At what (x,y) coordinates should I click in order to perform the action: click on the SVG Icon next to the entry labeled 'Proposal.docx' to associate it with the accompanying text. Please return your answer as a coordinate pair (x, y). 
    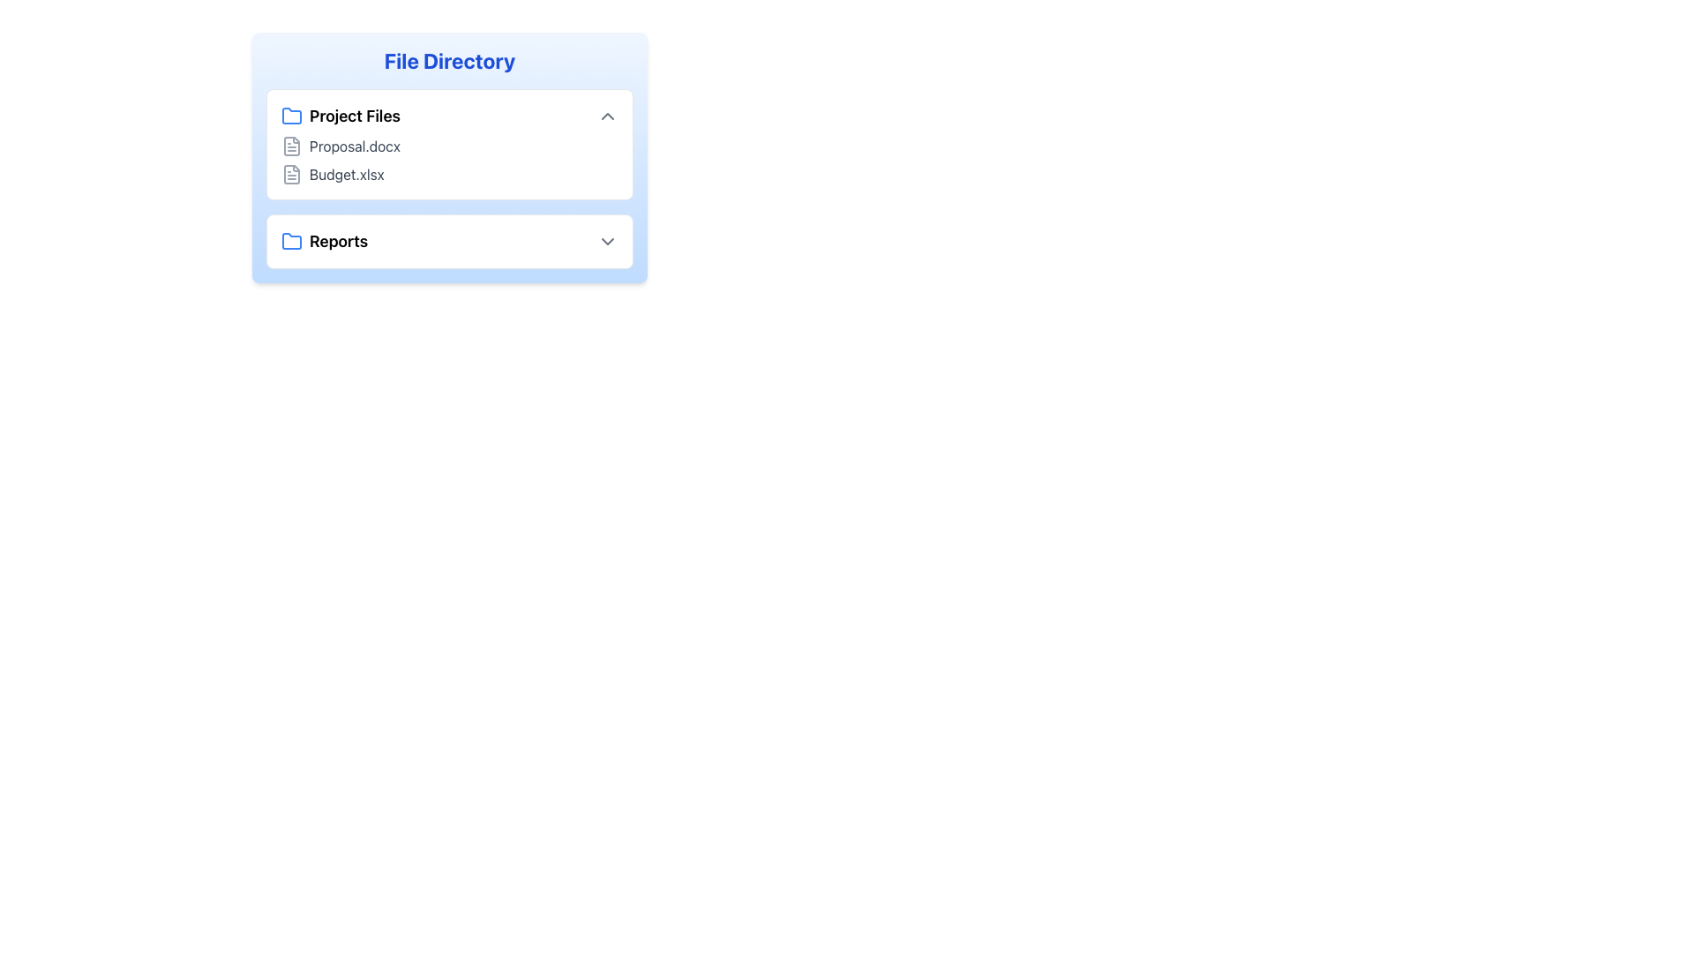
    Looking at the image, I should click on (292, 145).